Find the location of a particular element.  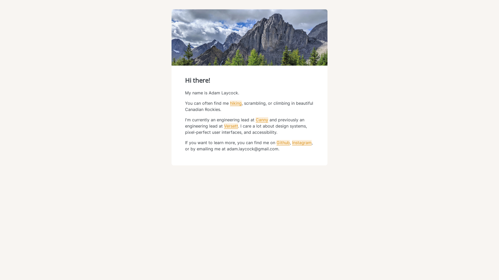

'Instagram' is located at coordinates (292, 143).